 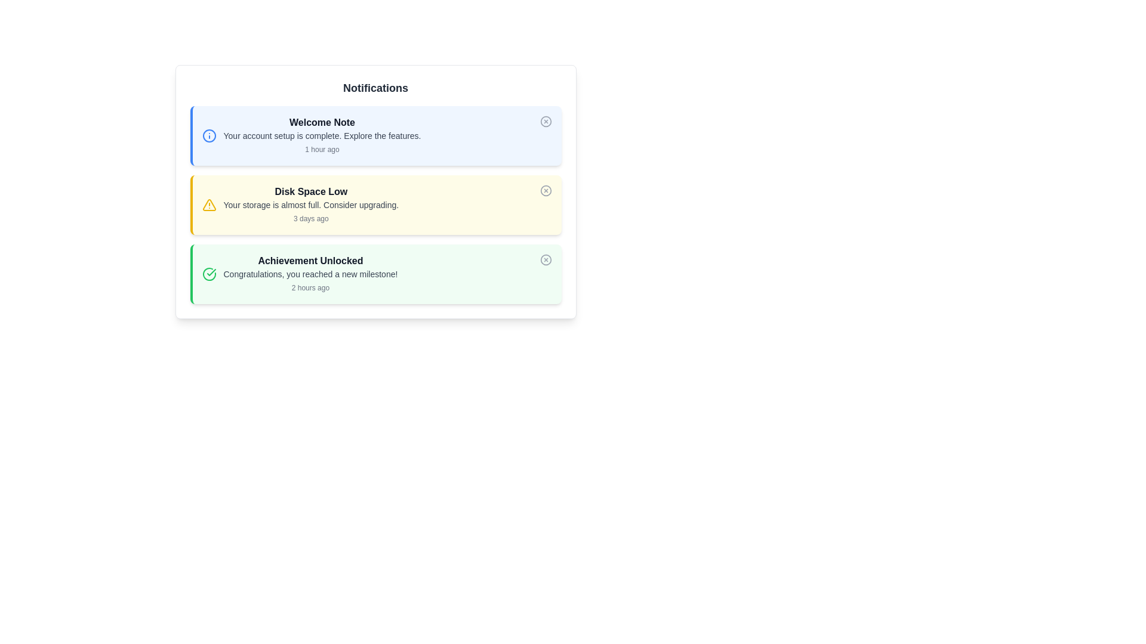 I want to click on the title Text label of the third notification box, which summarizes the notification's purpose, so click(x=310, y=261).